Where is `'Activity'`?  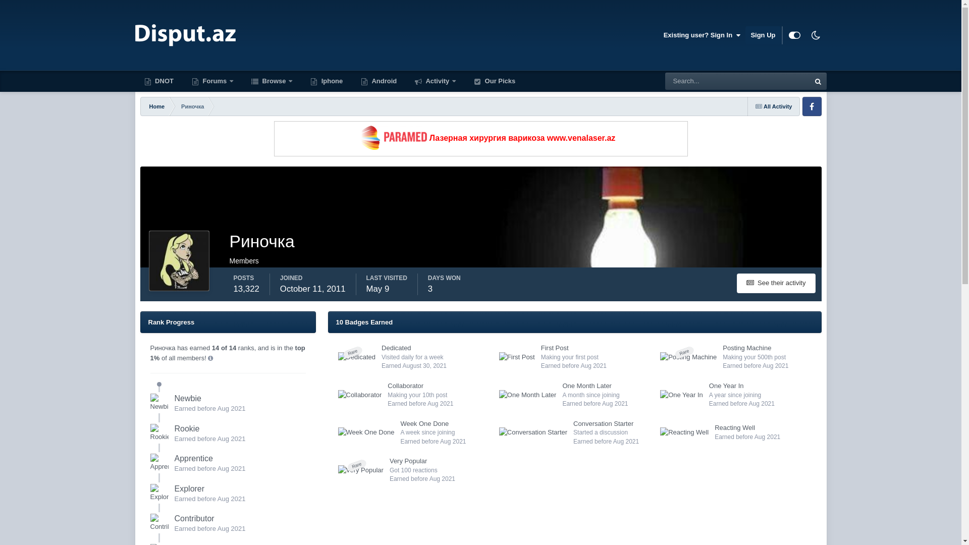 'Activity' is located at coordinates (435, 81).